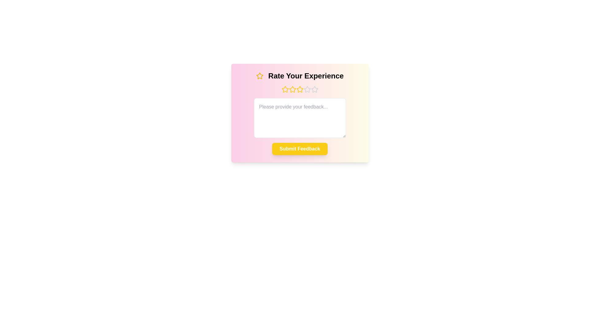  Describe the element at coordinates (314, 89) in the screenshot. I see `the rating to 5 stars by clicking on the corresponding star` at that location.